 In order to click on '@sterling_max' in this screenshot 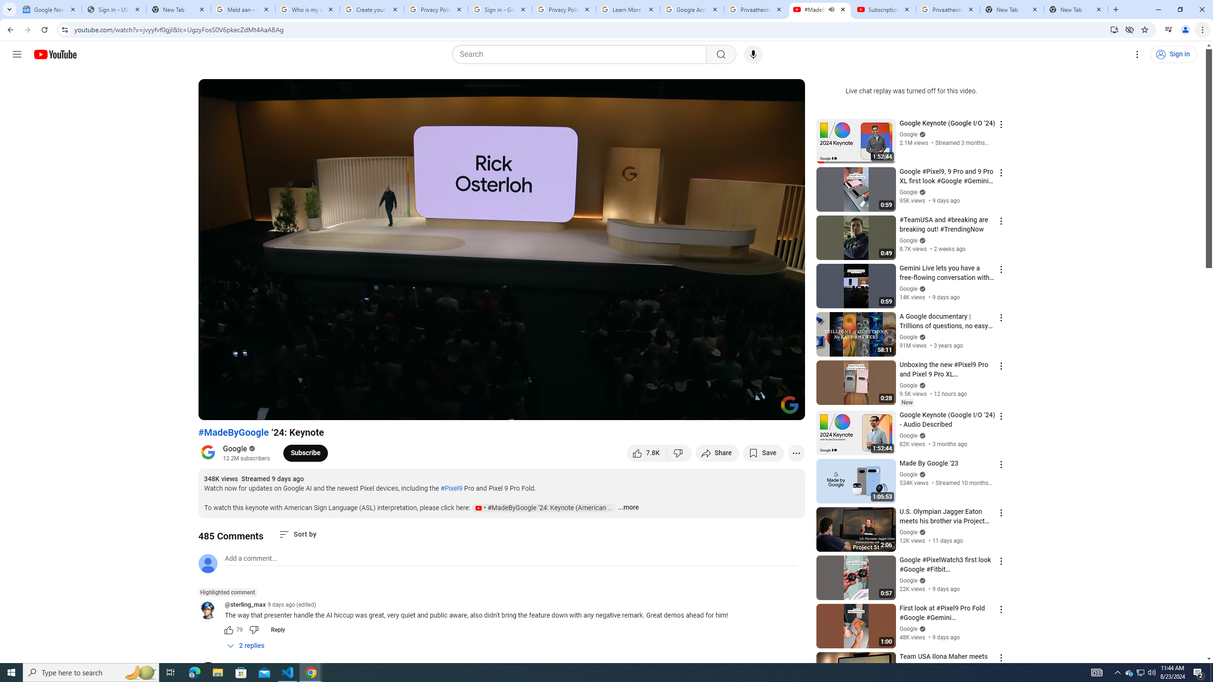, I will do `click(211, 610)`.